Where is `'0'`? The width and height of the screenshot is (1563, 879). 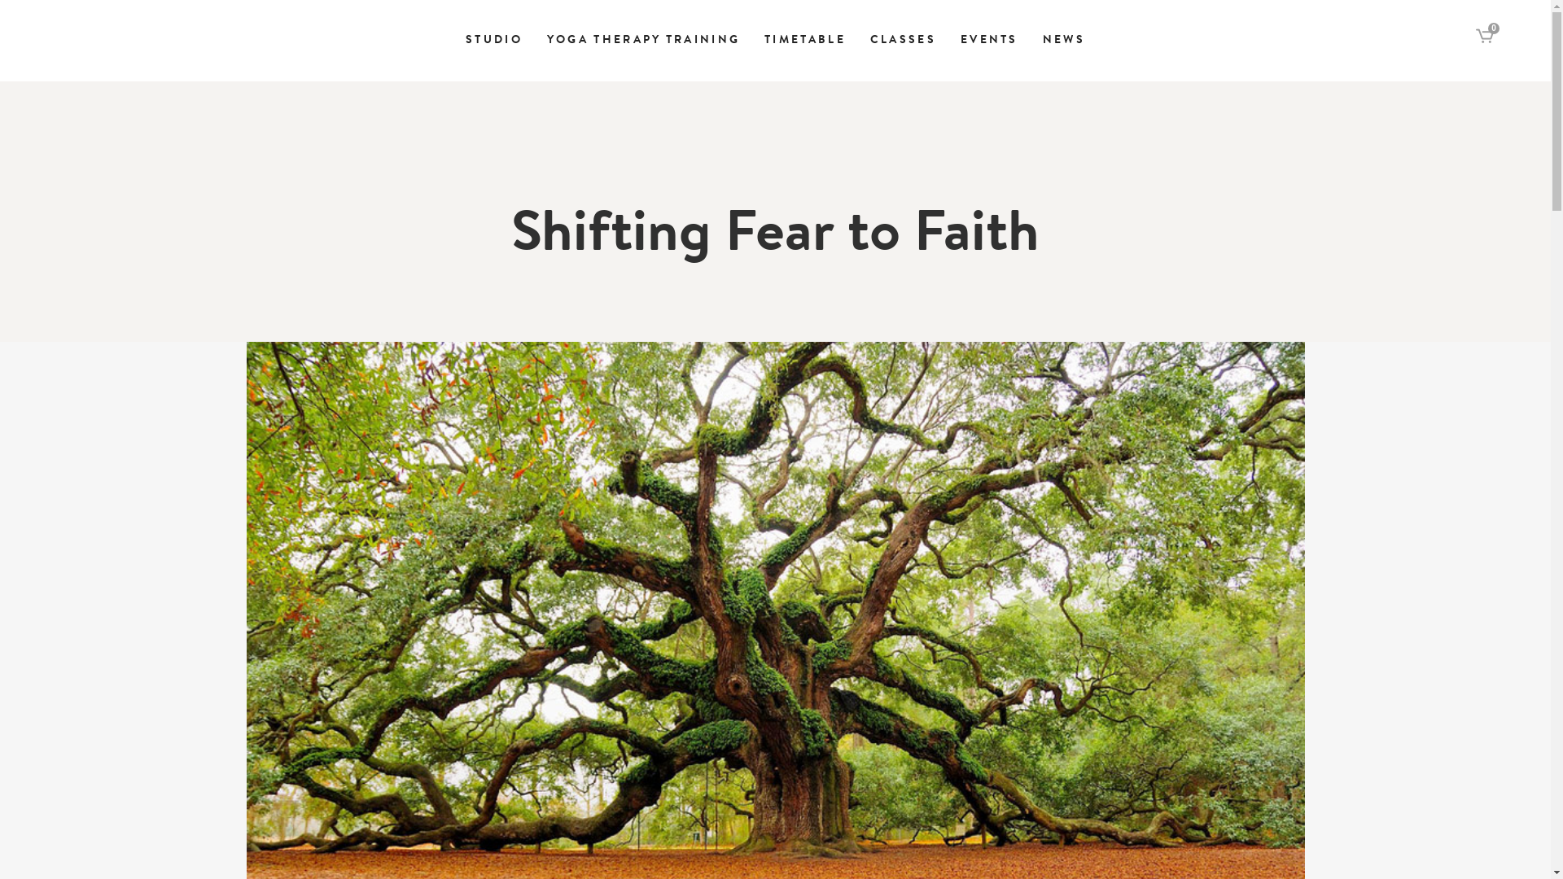
'0' is located at coordinates (1485, 37).